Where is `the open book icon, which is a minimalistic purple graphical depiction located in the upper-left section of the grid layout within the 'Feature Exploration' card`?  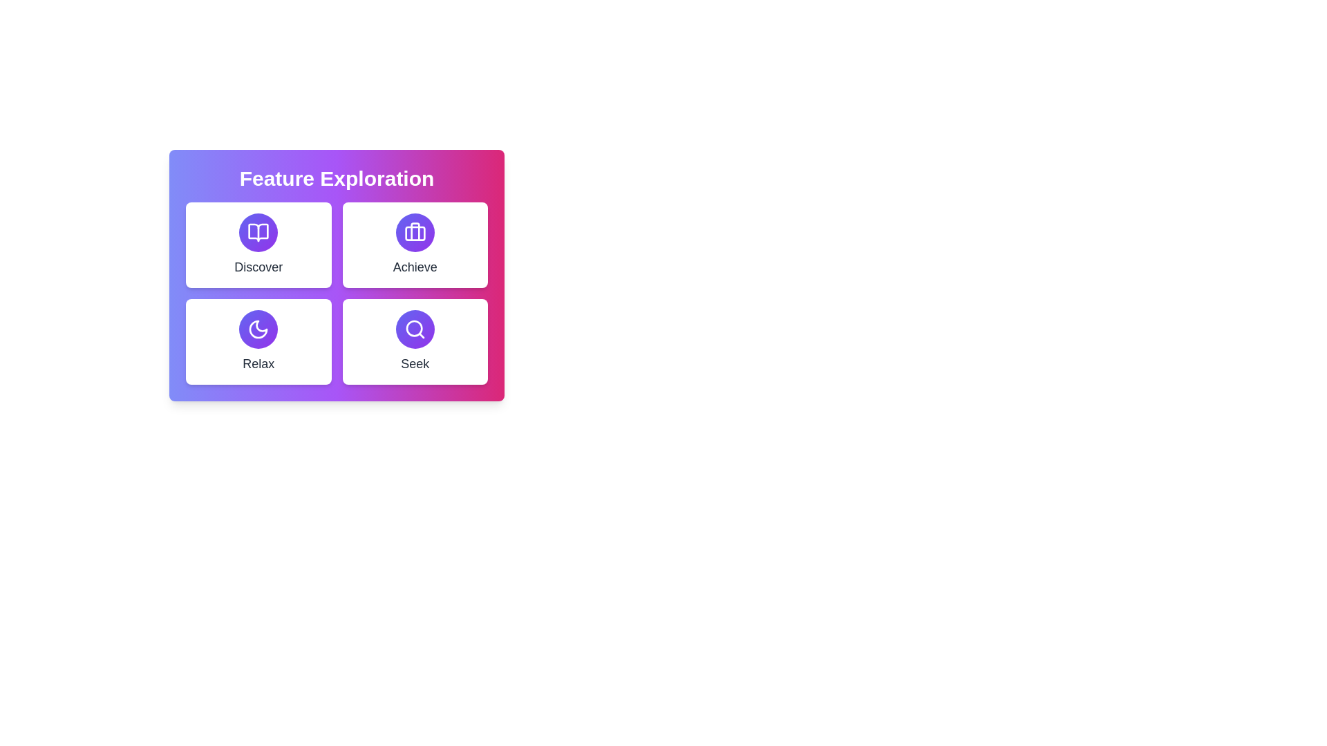 the open book icon, which is a minimalistic purple graphical depiction located in the upper-left section of the grid layout within the 'Feature Exploration' card is located at coordinates (258, 231).